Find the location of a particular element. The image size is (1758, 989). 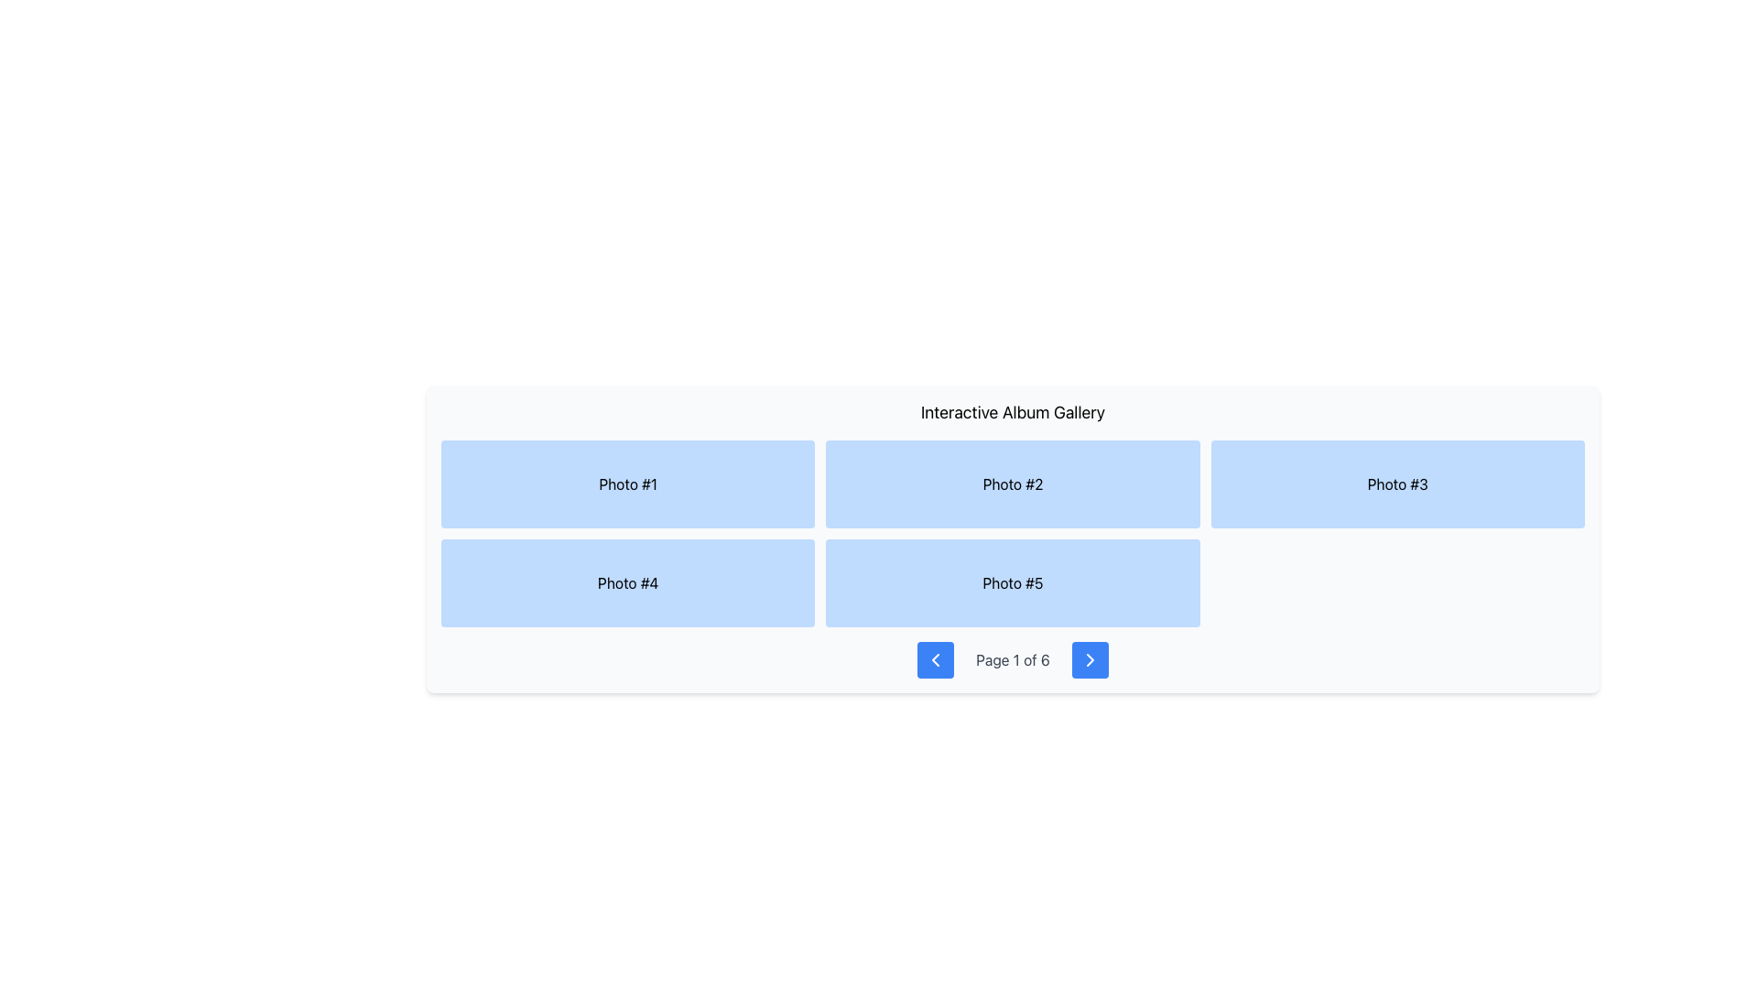

the text element that displays the current page number and total page count in the photo gallery, positioned at the bottom of the interface between the left and right arrow buttons is located at coordinates (1012, 660).